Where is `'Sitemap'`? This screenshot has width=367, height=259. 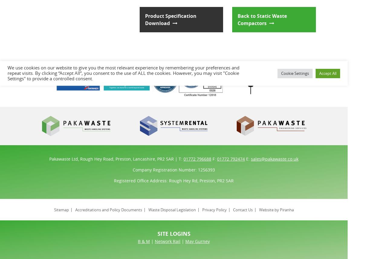
'Sitemap' is located at coordinates (61, 209).